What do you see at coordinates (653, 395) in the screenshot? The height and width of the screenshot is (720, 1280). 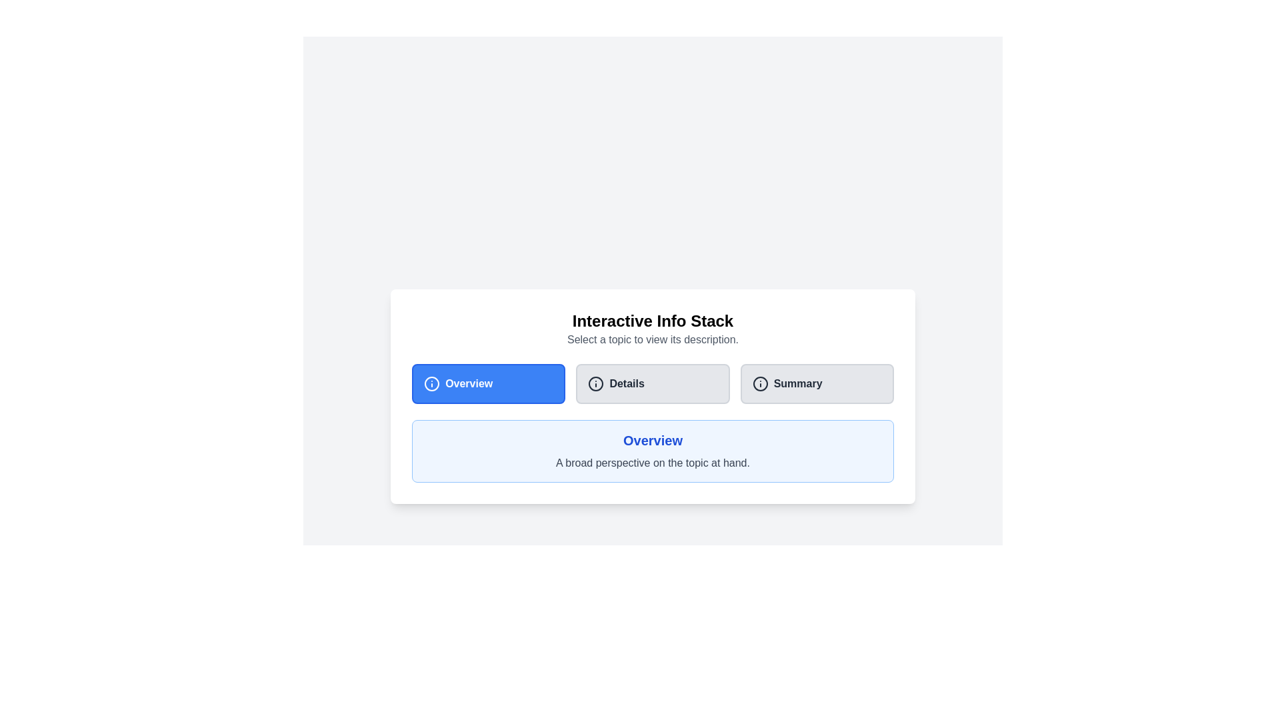 I see `the 'Details' button located between the 'Overview' button and the 'Summary' button` at bounding box center [653, 395].